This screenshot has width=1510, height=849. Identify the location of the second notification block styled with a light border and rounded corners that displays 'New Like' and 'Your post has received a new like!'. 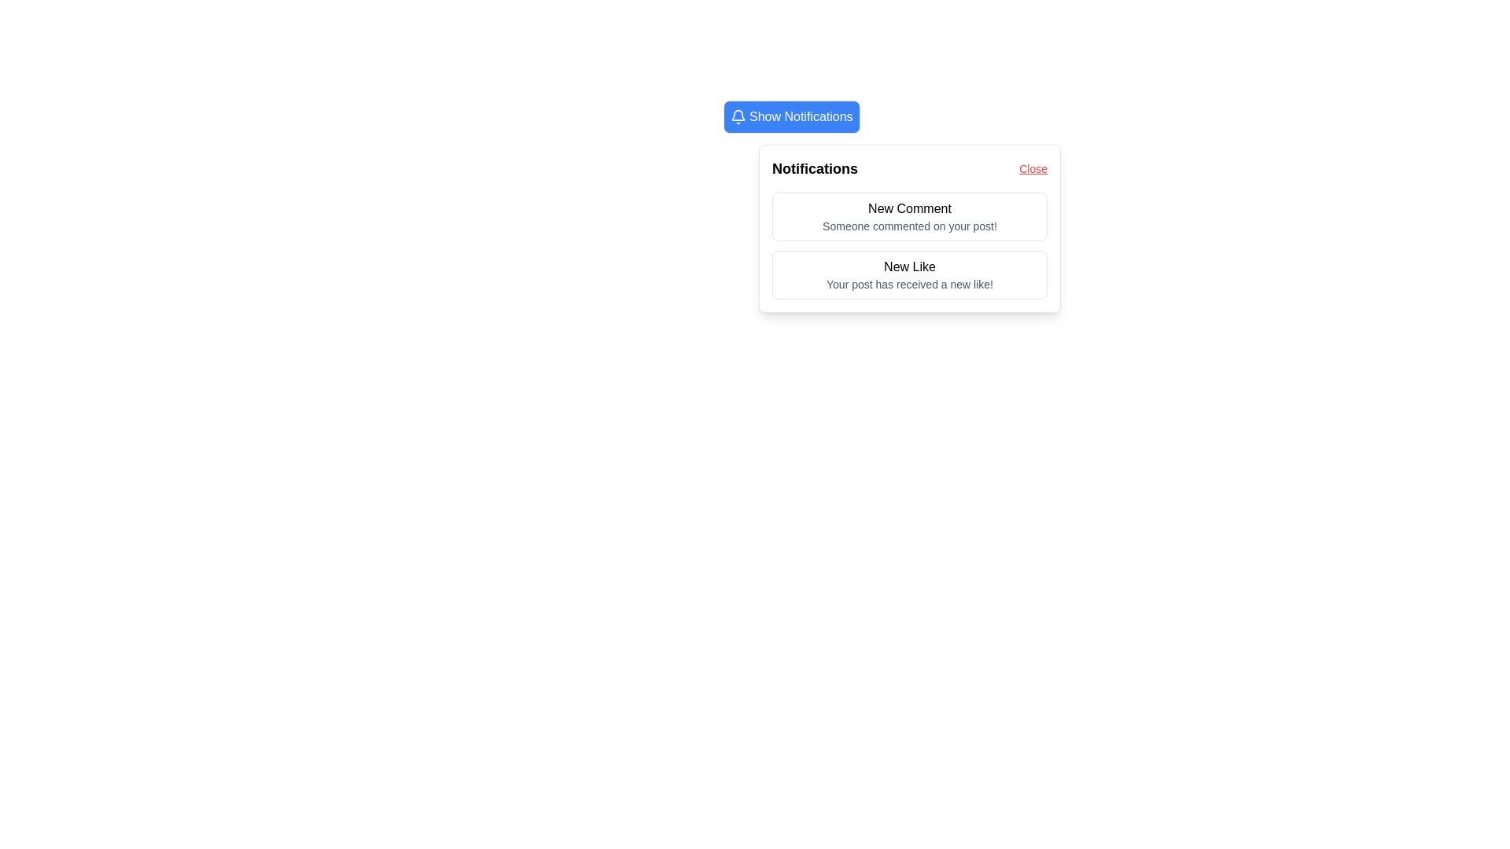
(909, 274).